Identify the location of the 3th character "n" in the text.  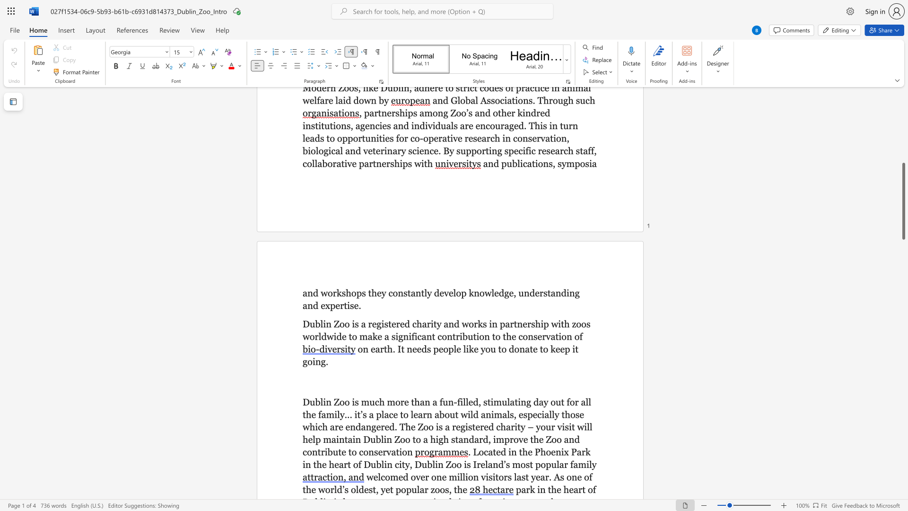
(558, 292).